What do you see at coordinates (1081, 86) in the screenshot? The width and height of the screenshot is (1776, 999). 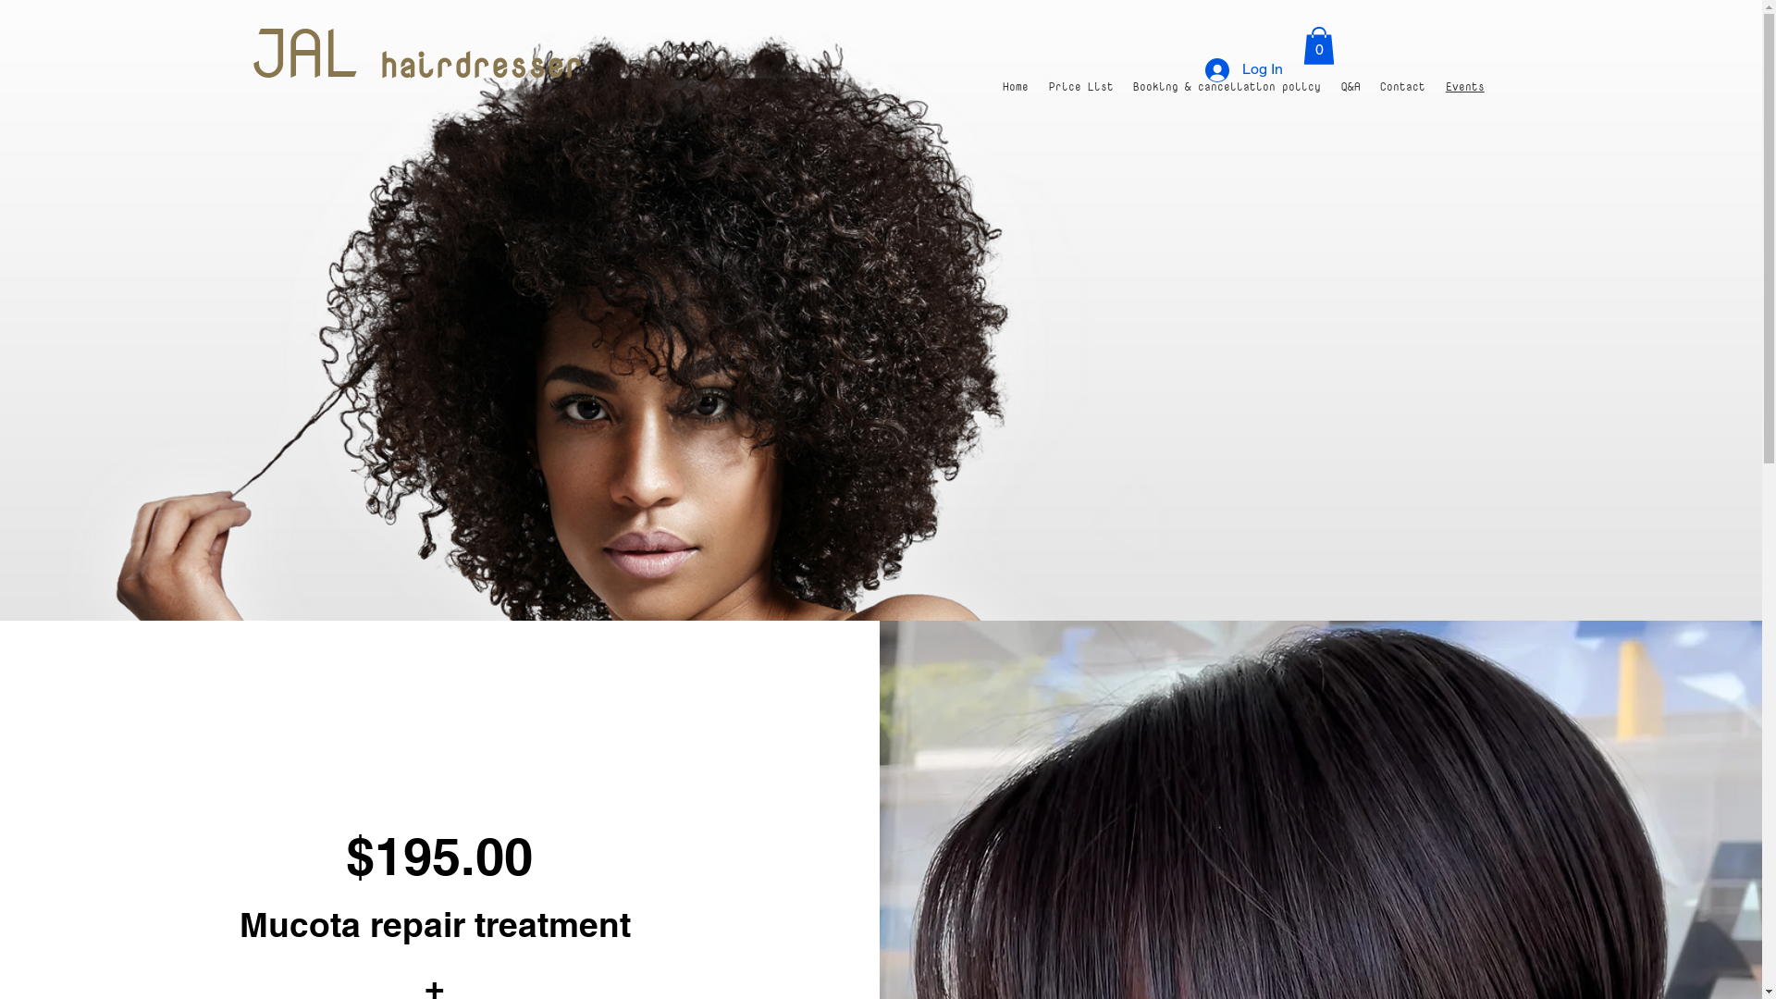 I see `'Price List'` at bounding box center [1081, 86].